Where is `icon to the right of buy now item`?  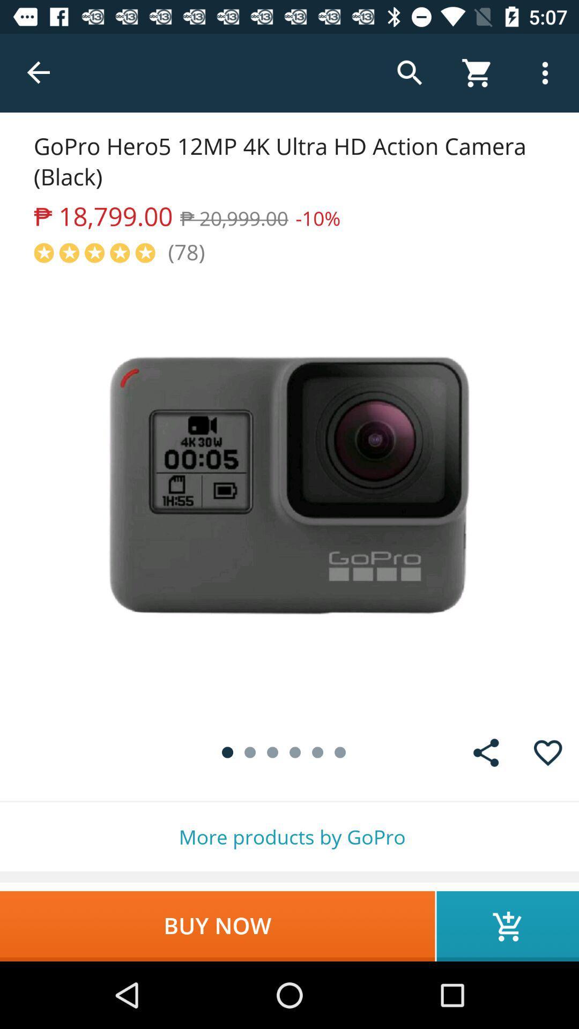
icon to the right of buy now item is located at coordinates (507, 926).